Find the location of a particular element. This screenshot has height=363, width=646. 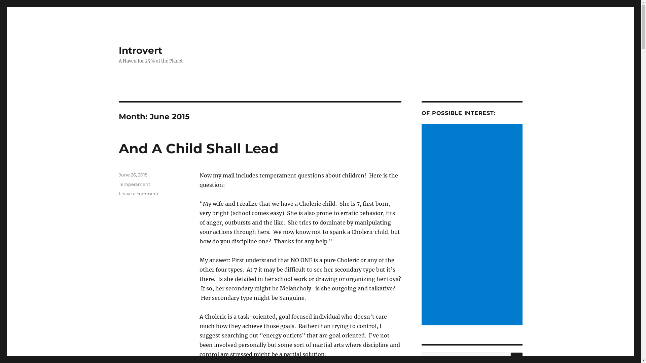

'June 26, 2015' is located at coordinates (118, 174).